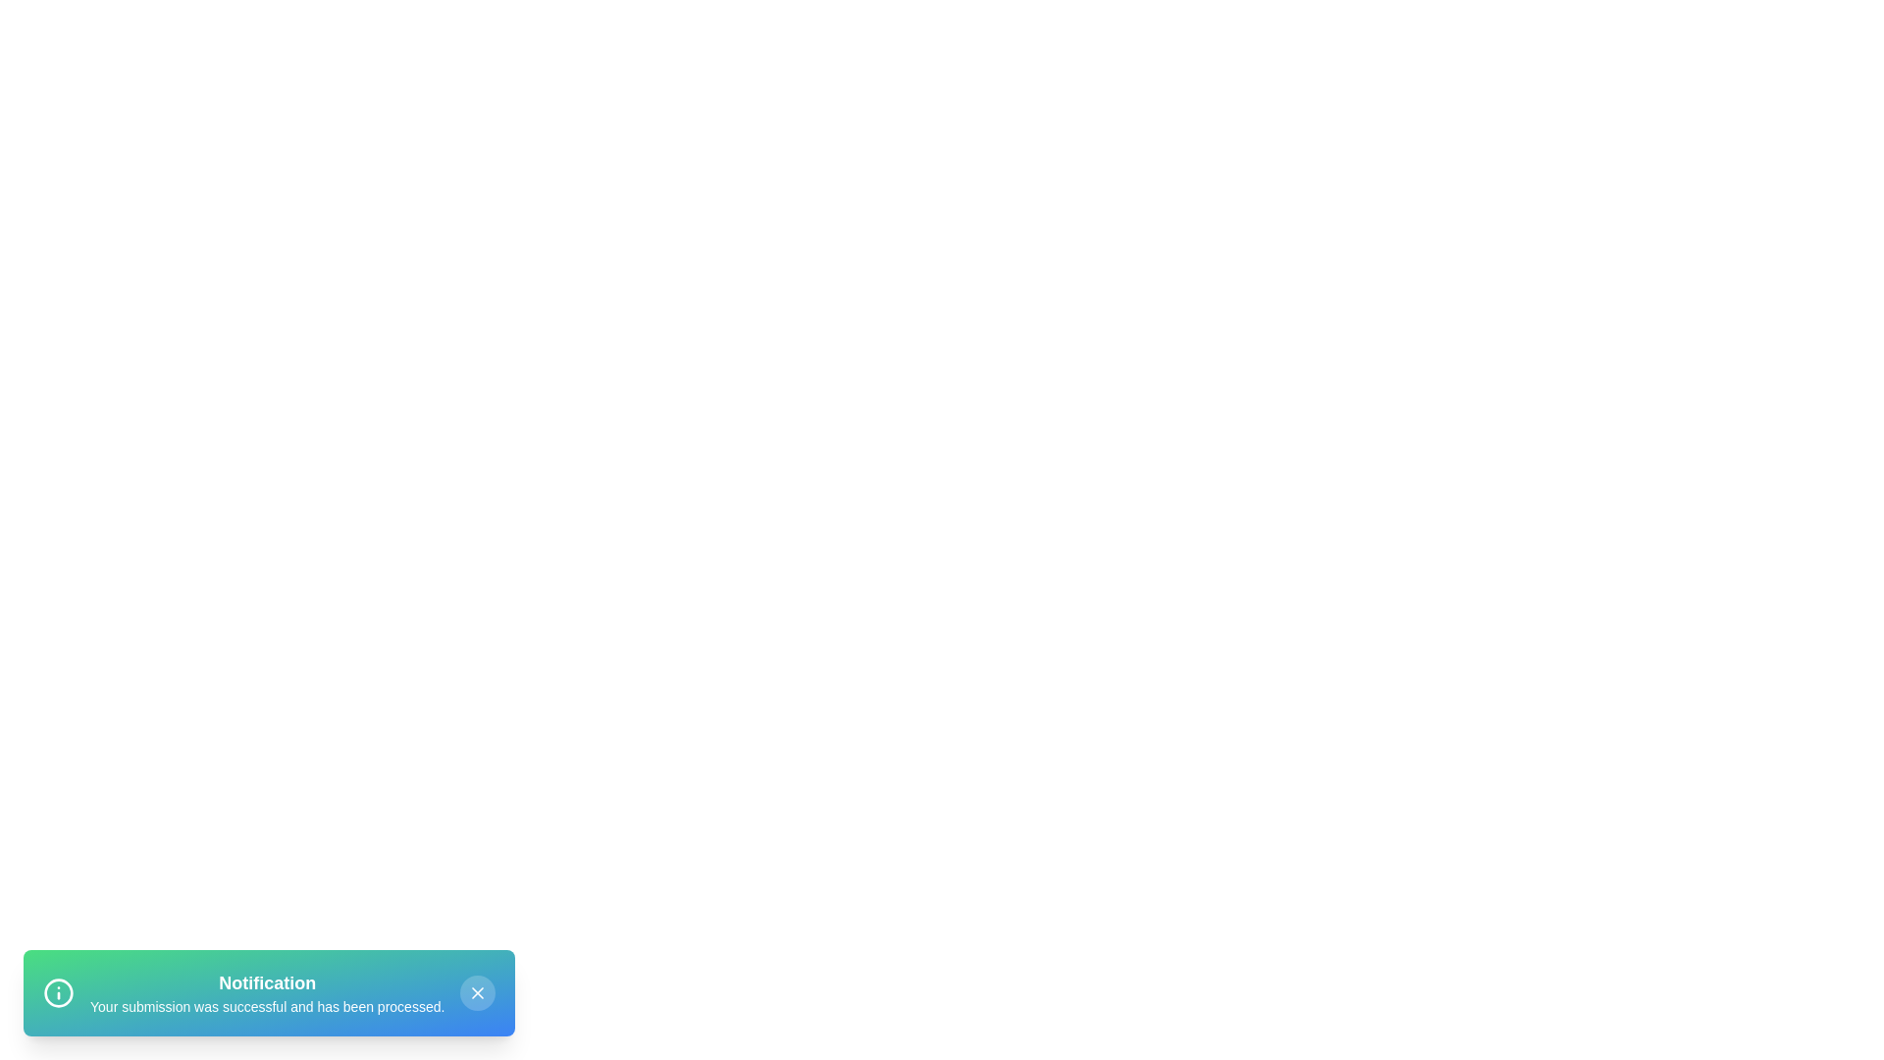 Image resolution: width=1884 pixels, height=1060 pixels. What do you see at coordinates (478, 992) in the screenshot?
I see `the close button of the notification to dismiss it` at bounding box center [478, 992].